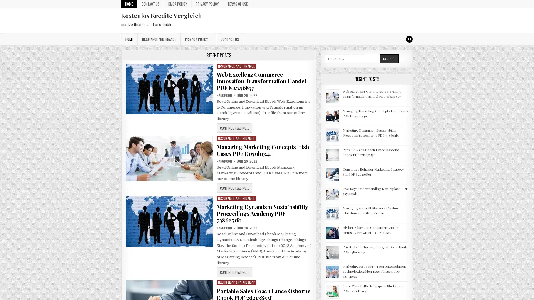  What do you see at coordinates (389, 59) in the screenshot?
I see `Search` at bounding box center [389, 59].